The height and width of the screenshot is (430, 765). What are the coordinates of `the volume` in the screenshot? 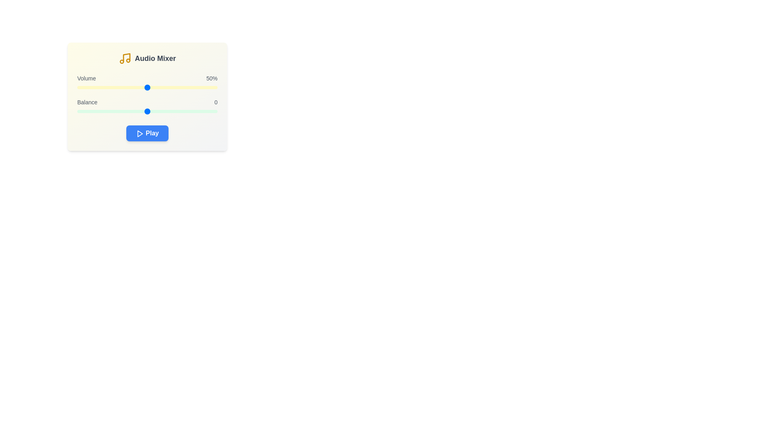 It's located at (96, 87).